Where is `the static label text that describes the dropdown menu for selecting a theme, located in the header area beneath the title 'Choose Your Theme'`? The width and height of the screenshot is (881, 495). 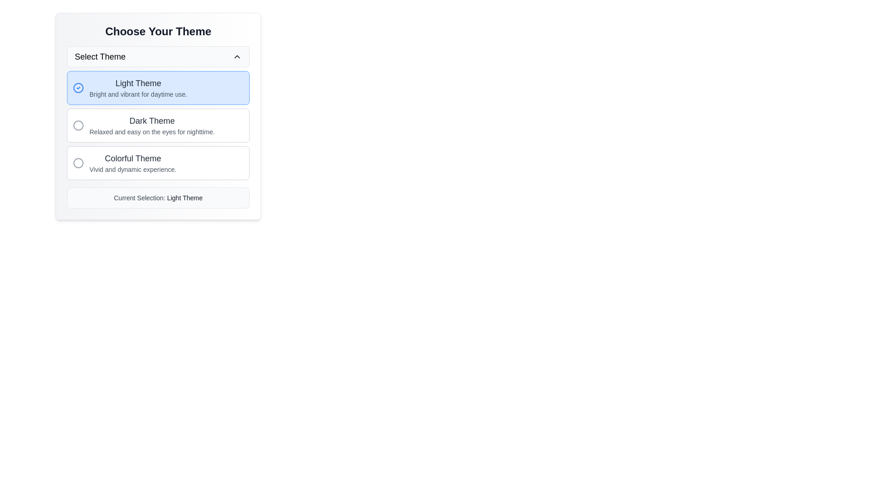 the static label text that describes the dropdown menu for selecting a theme, located in the header area beneath the title 'Choose Your Theme' is located at coordinates (100, 56).